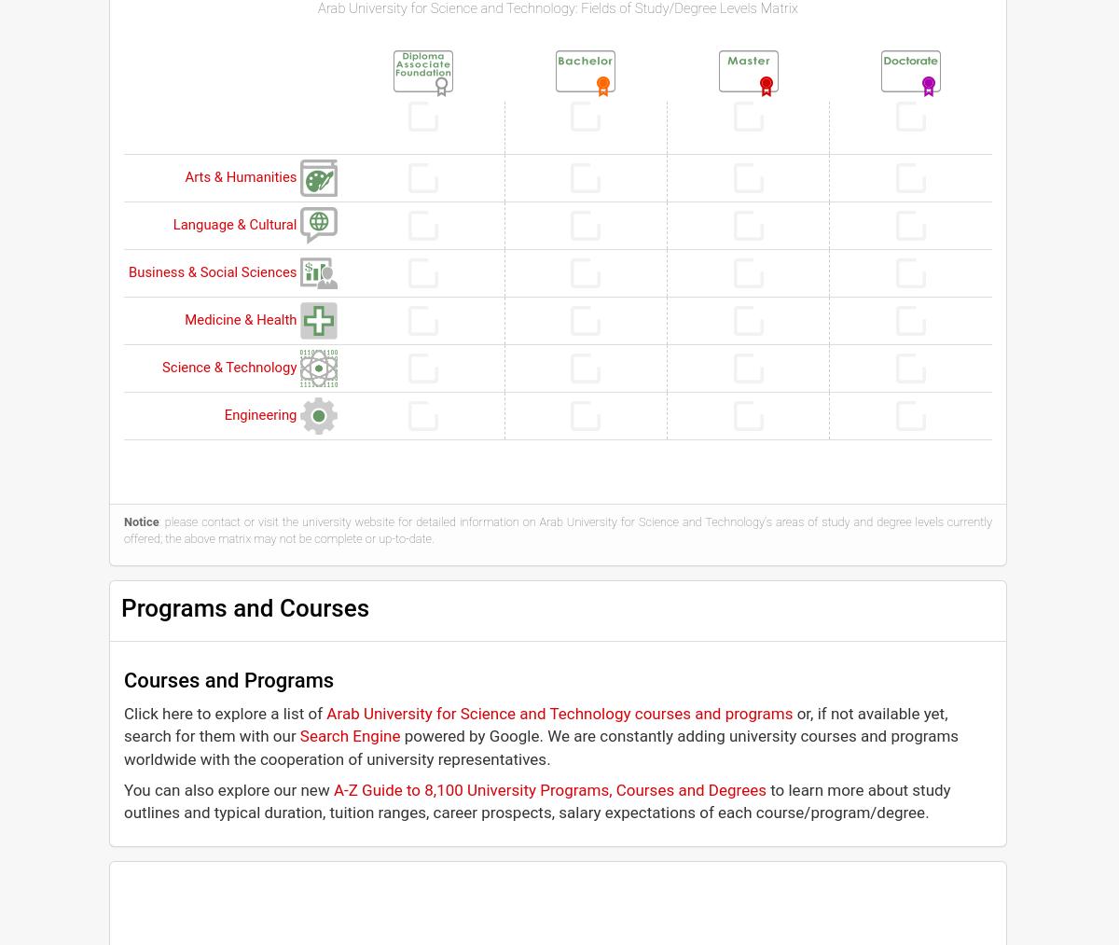 This screenshot has width=1119, height=945. What do you see at coordinates (140, 521) in the screenshot?
I see `'Notice'` at bounding box center [140, 521].